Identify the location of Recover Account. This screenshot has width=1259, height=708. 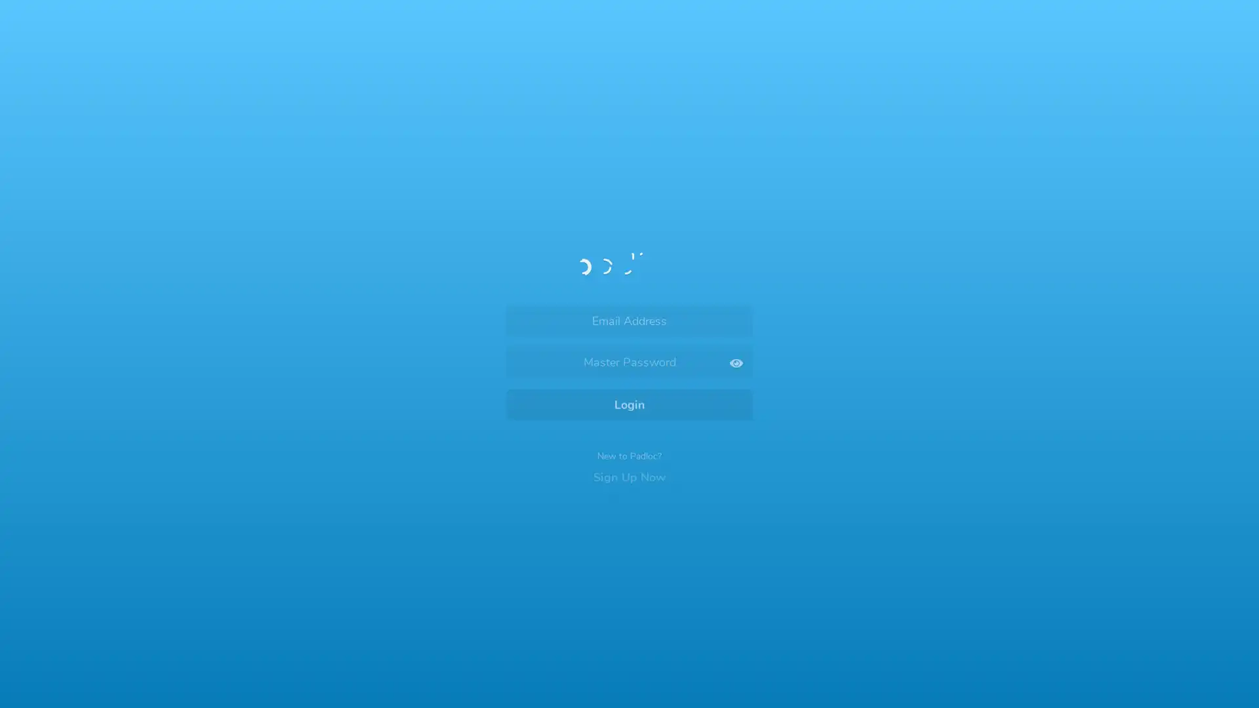
(629, 599).